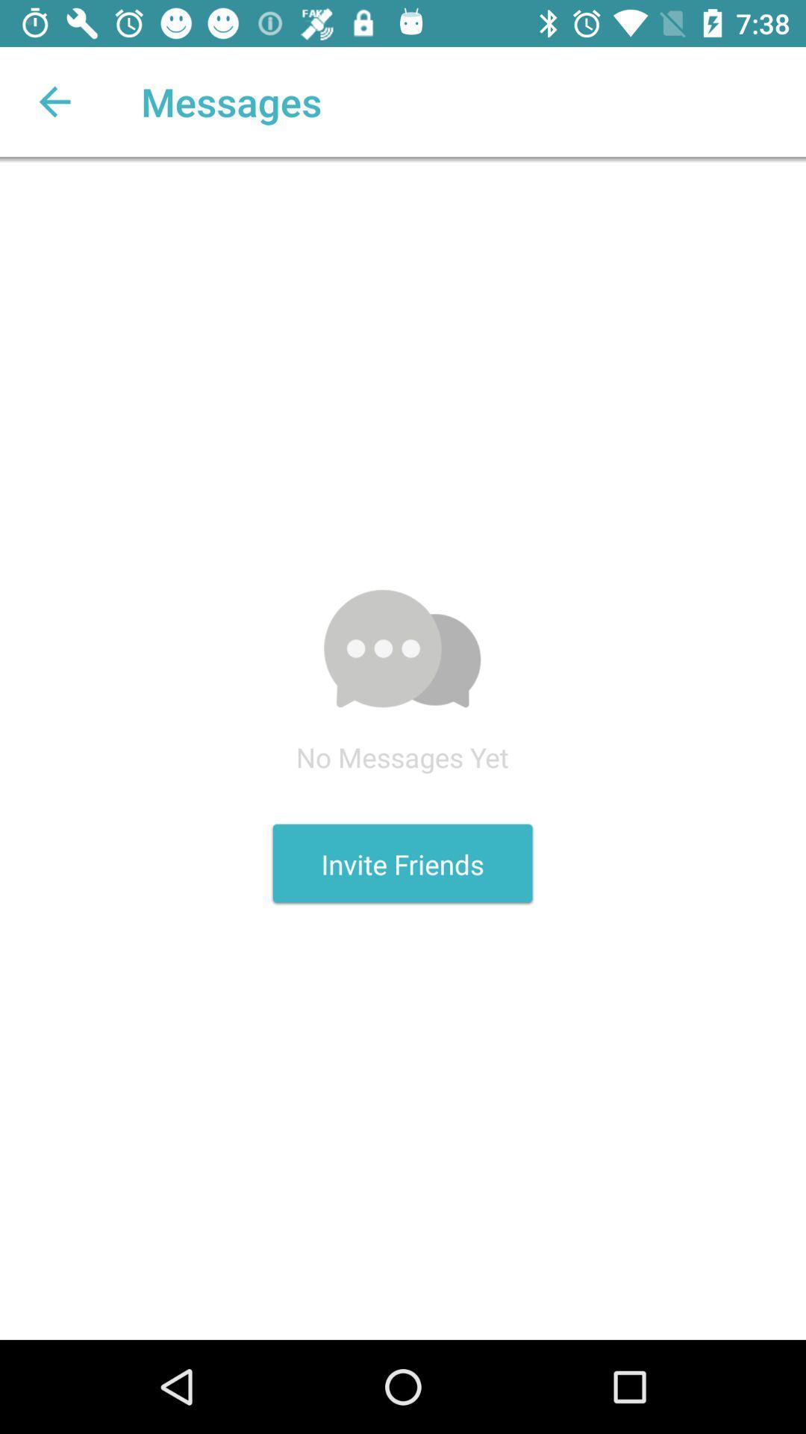  Describe the element at coordinates (402, 864) in the screenshot. I see `the invite friends item` at that location.